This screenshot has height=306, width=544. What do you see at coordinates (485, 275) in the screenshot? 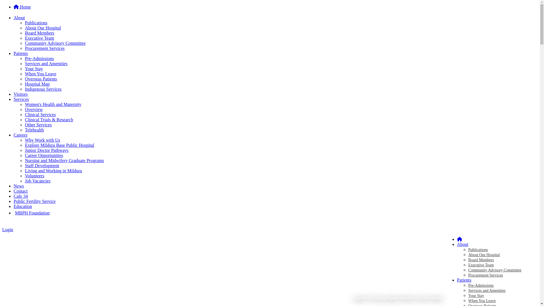
I see `'Procurement Services'` at bounding box center [485, 275].